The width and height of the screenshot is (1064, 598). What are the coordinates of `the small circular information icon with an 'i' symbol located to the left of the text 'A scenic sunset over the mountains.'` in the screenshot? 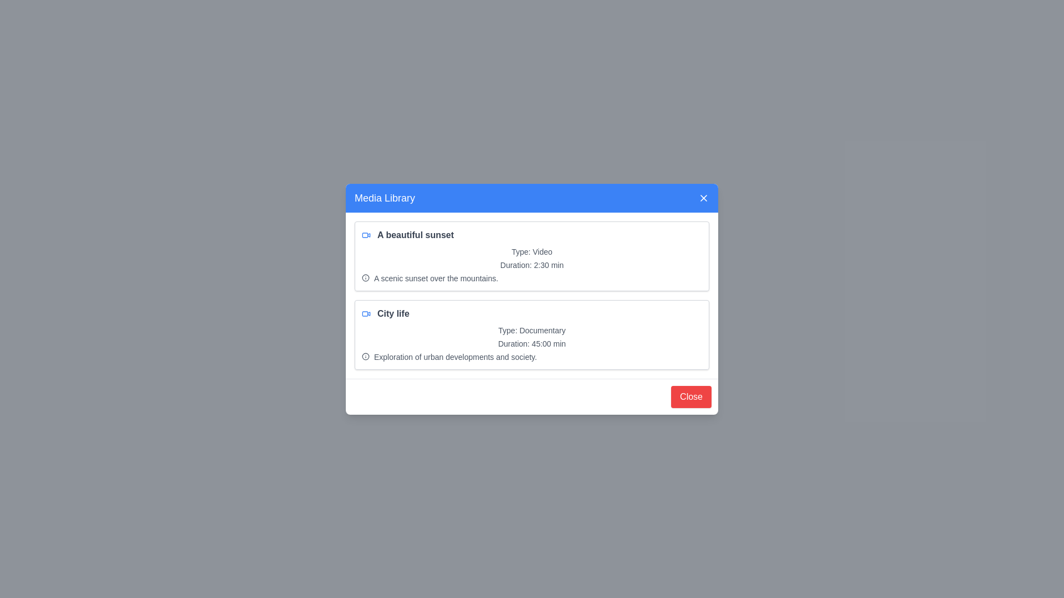 It's located at (366, 277).